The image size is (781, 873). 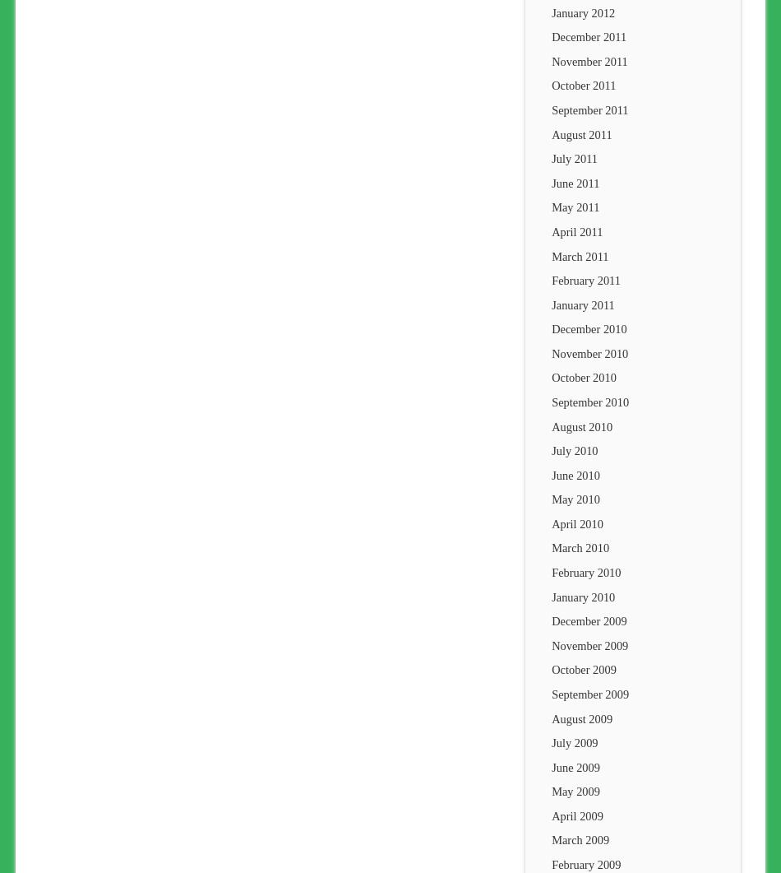 I want to click on 'February 2010', so click(x=585, y=572).